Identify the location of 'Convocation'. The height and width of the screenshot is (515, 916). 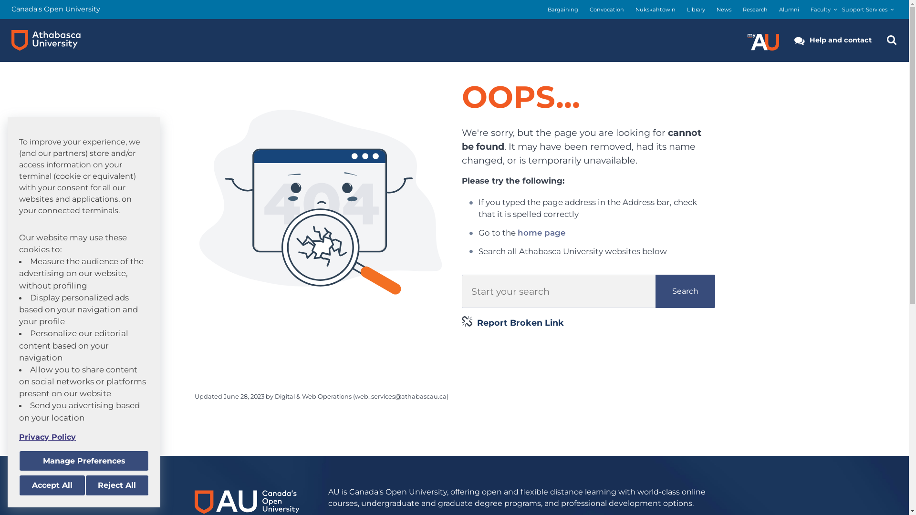
(606, 10).